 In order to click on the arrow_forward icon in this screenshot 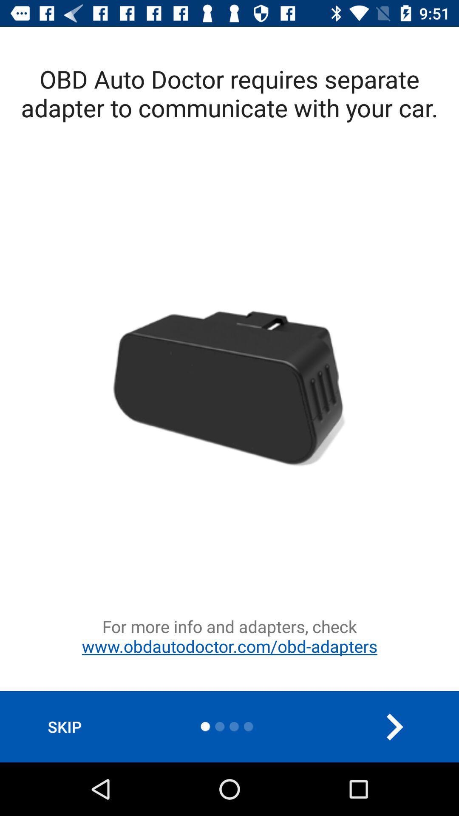, I will do `click(394, 726)`.